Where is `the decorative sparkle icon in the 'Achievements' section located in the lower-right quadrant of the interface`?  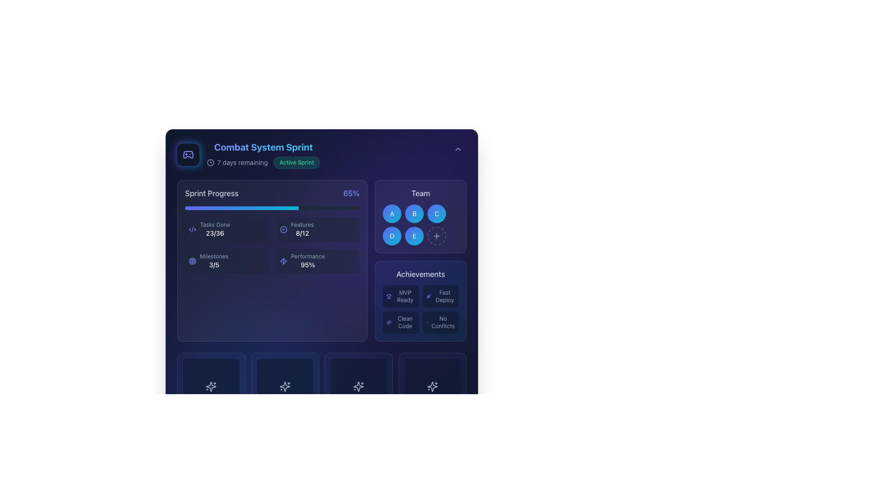 the decorative sparkle icon in the 'Achievements' section located in the lower-right quadrant of the interface is located at coordinates (389, 322).